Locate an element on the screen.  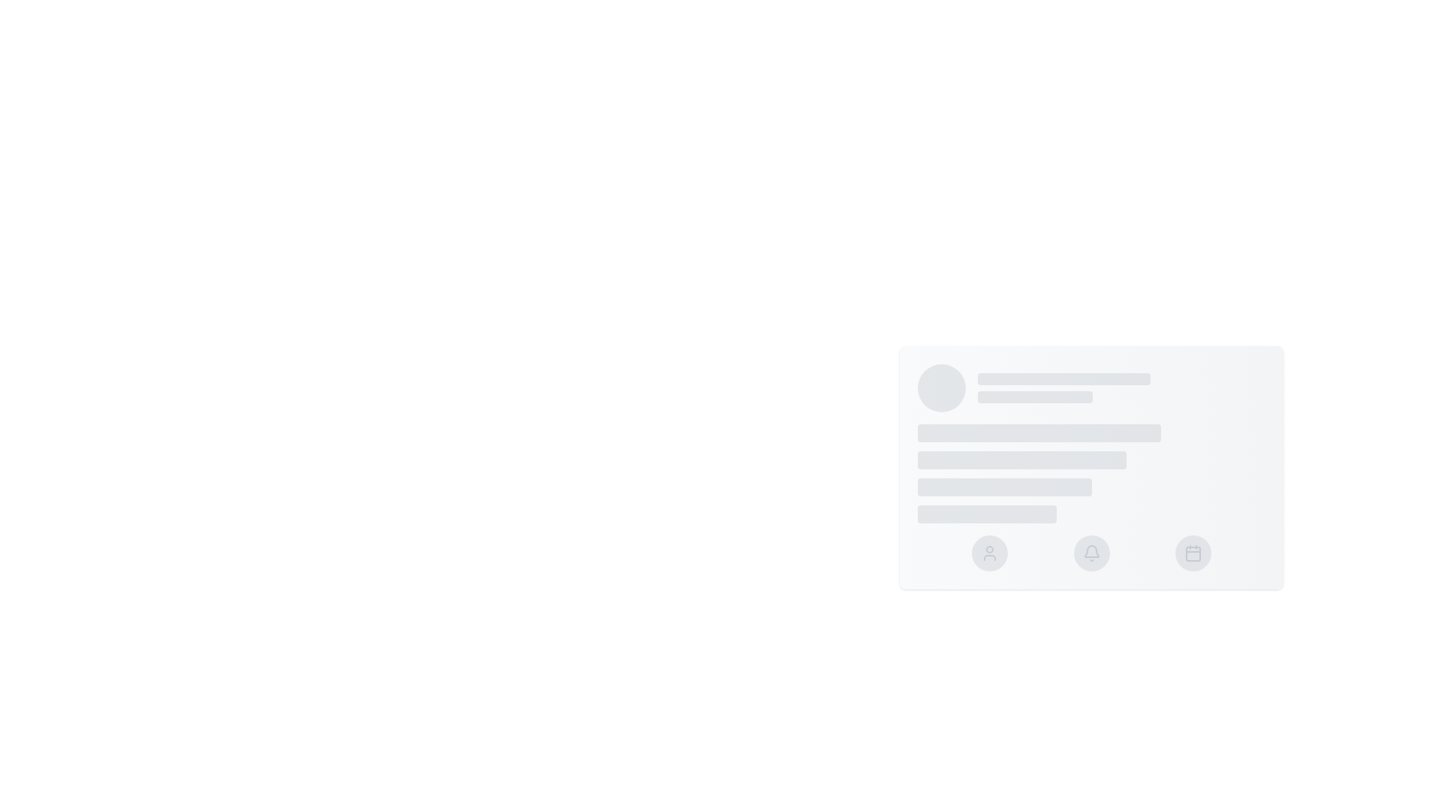
the first non-interactive placeholder bar that indicates the loading state of textual content, located centrally within a card-like structure is located at coordinates (1039, 433).